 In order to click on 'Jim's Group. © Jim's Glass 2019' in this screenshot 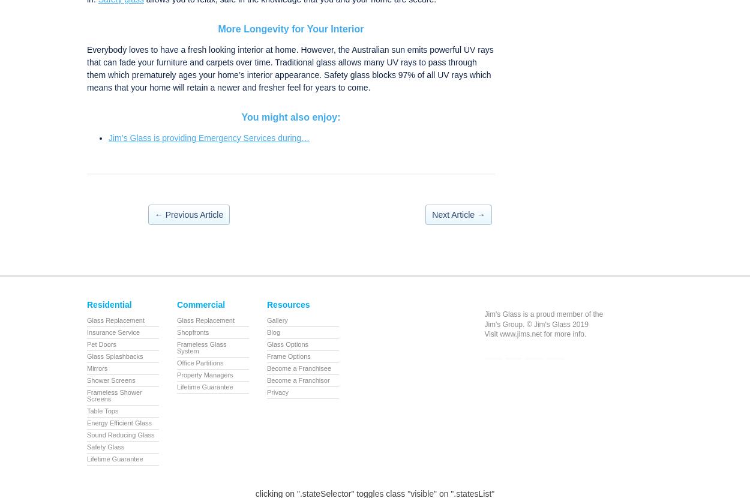, I will do `click(484, 323)`.